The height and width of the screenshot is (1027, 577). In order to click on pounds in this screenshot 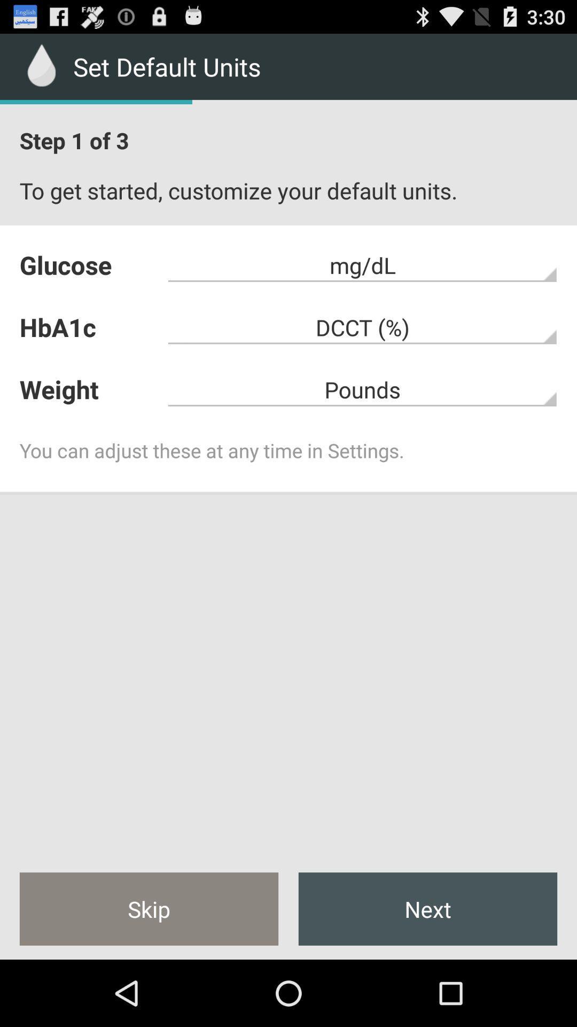, I will do `click(362, 389)`.